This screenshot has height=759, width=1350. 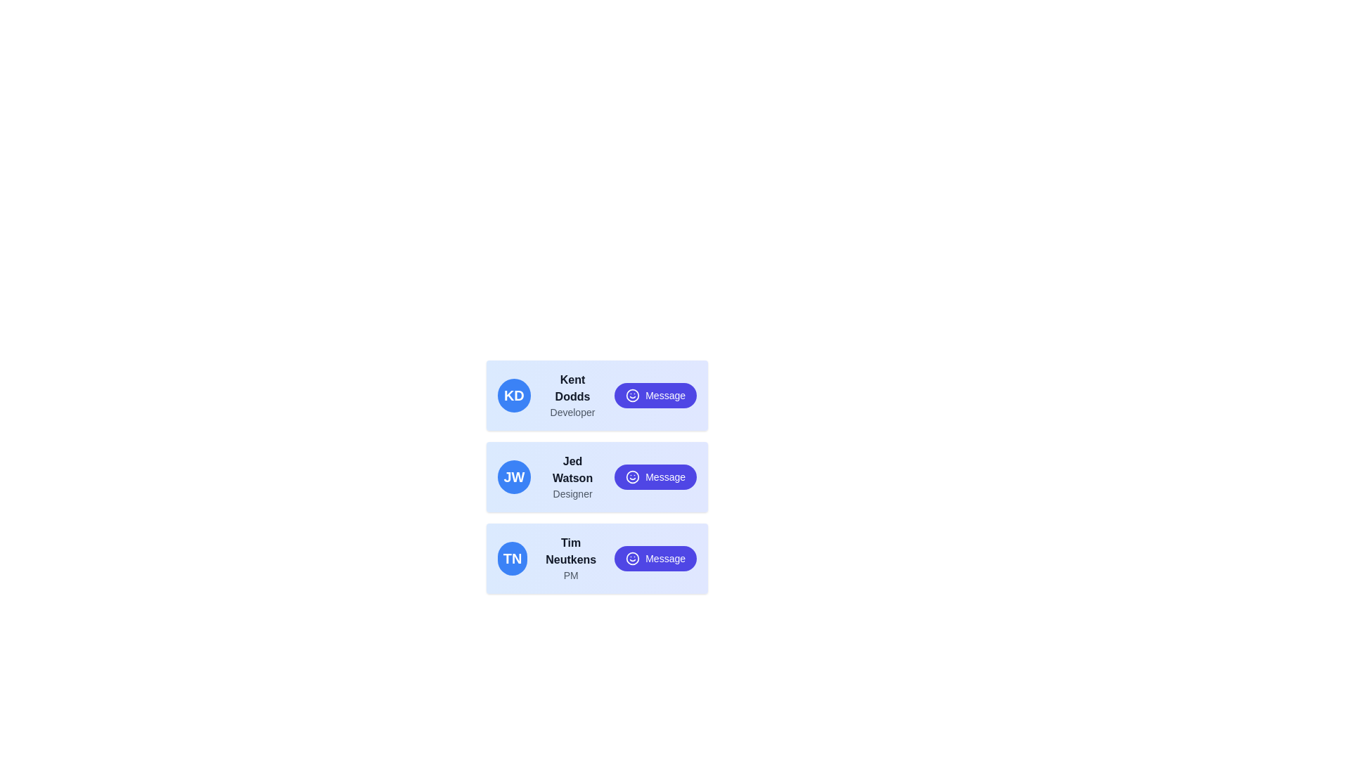 What do you see at coordinates (512, 557) in the screenshot?
I see `the circular blue Profile Badge displaying 'TN' in white, located to the left of the text 'Tim Neutkens' in the third card` at bounding box center [512, 557].